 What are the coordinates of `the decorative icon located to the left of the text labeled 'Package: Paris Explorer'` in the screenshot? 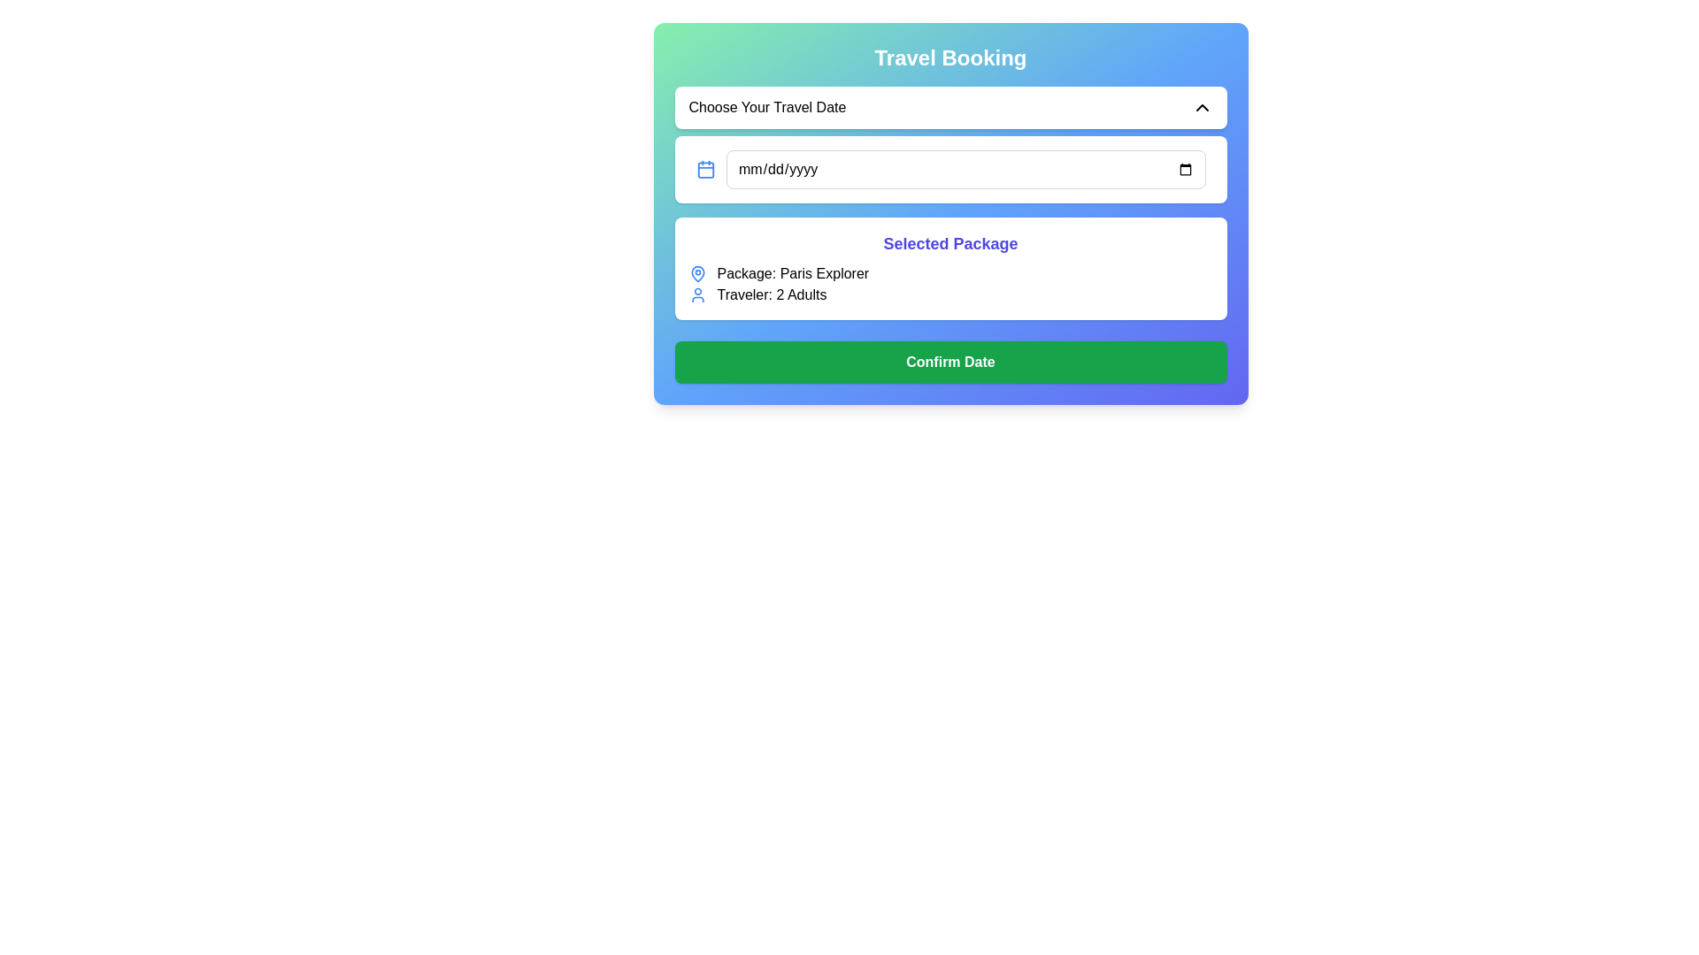 It's located at (696, 273).